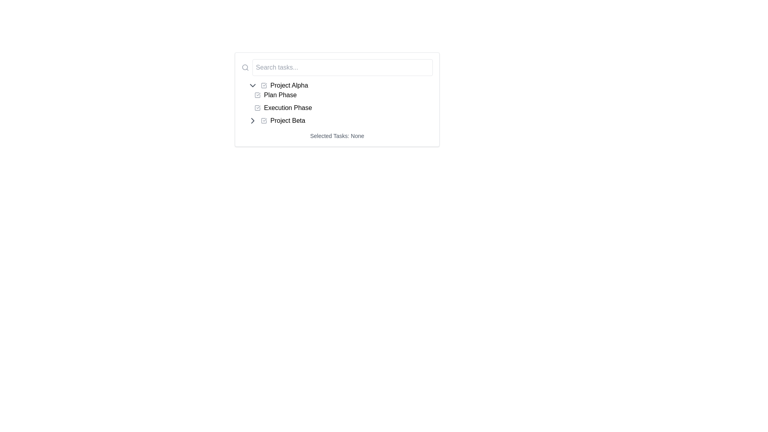  I want to click on the checkbox located to the left of the text 'Project Beta' in the item list, so click(264, 120).